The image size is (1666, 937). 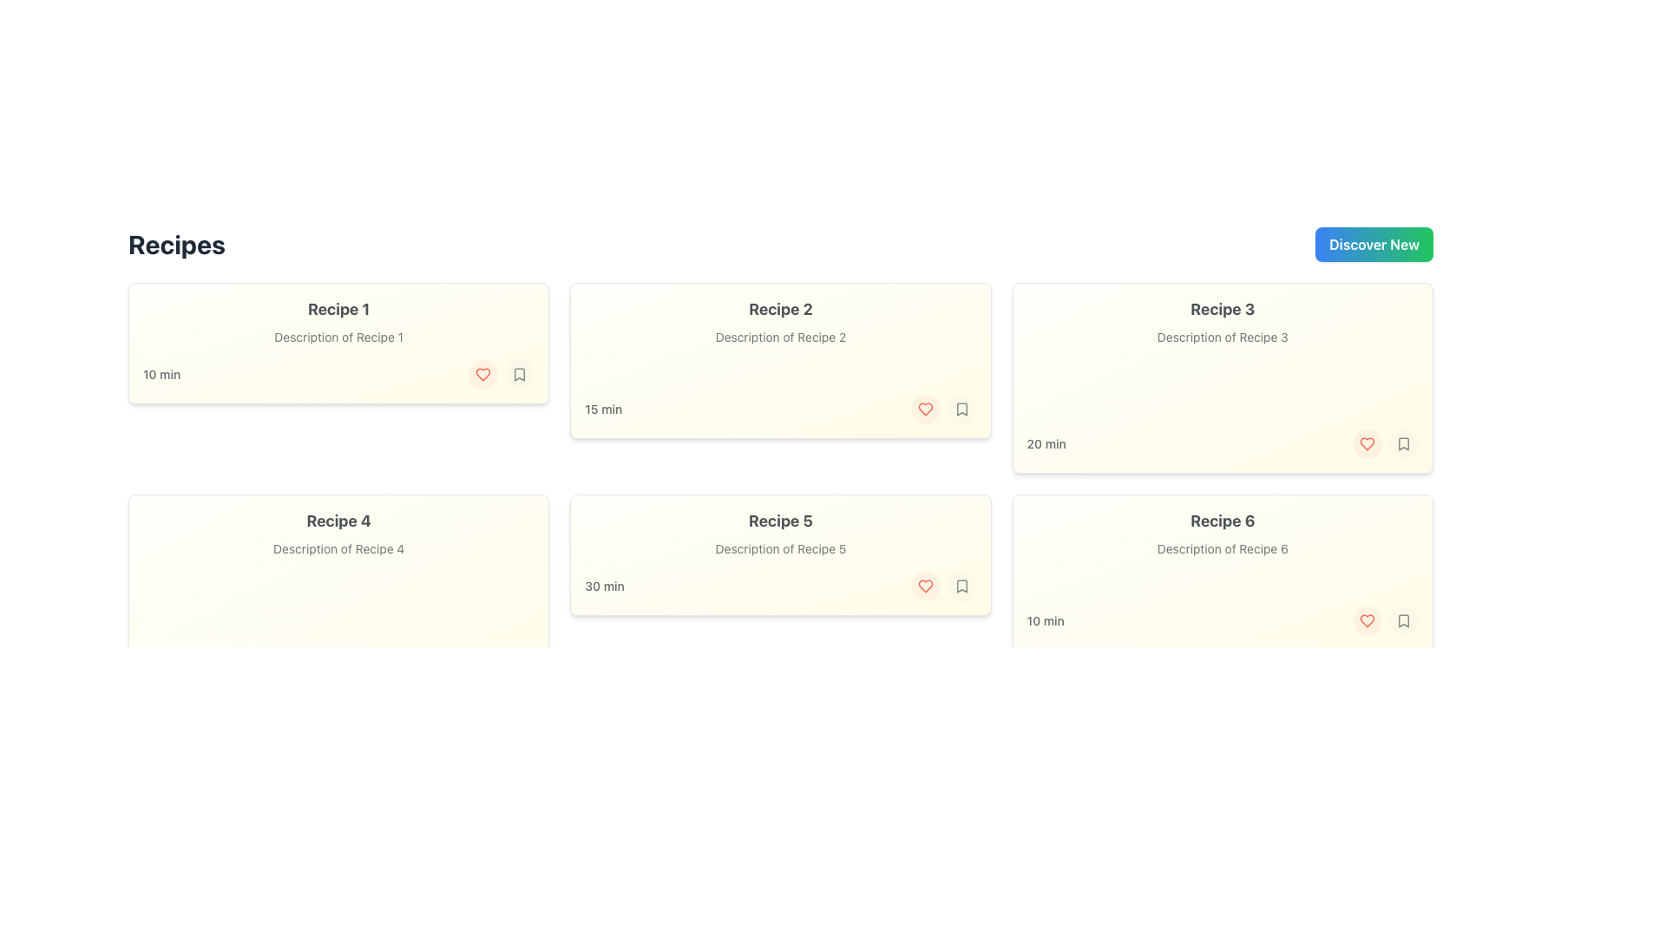 I want to click on bold, large-sized text labeled 'Recipe 6' which is positioned in the upper section of the recipe card, so click(x=1222, y=521).